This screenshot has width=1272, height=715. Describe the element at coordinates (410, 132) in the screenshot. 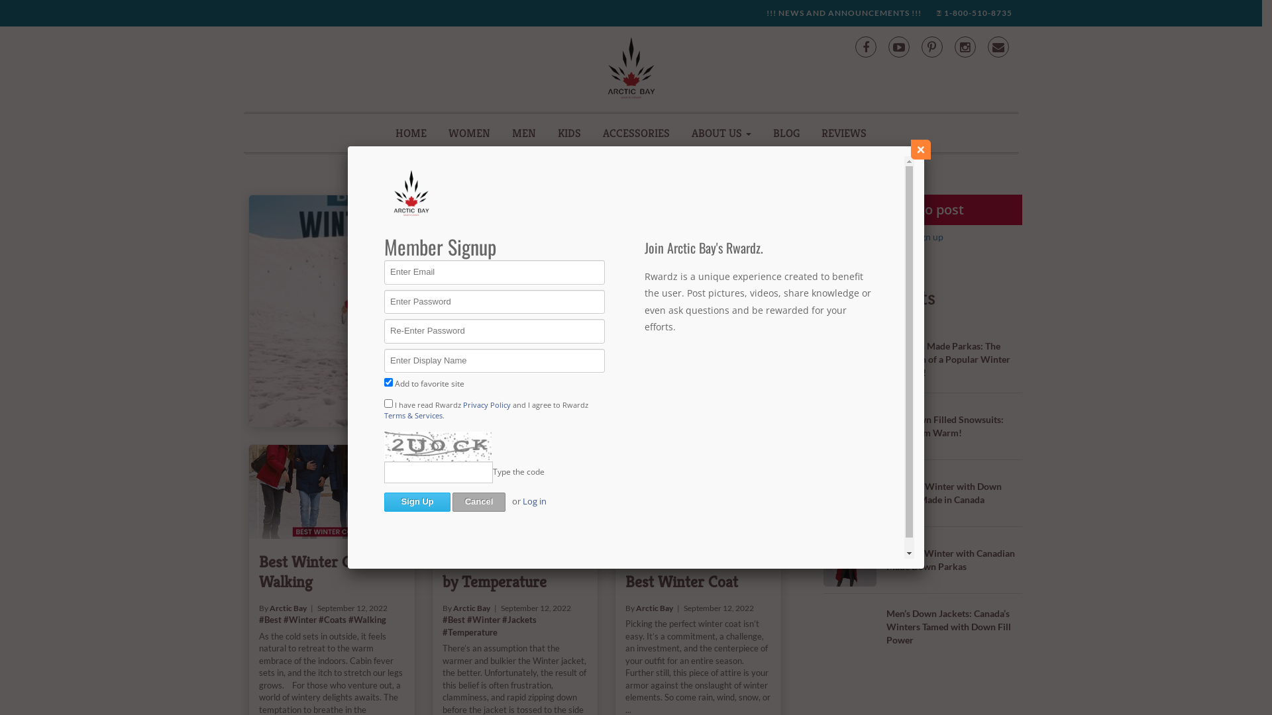

I see `'HOME'` at that location.